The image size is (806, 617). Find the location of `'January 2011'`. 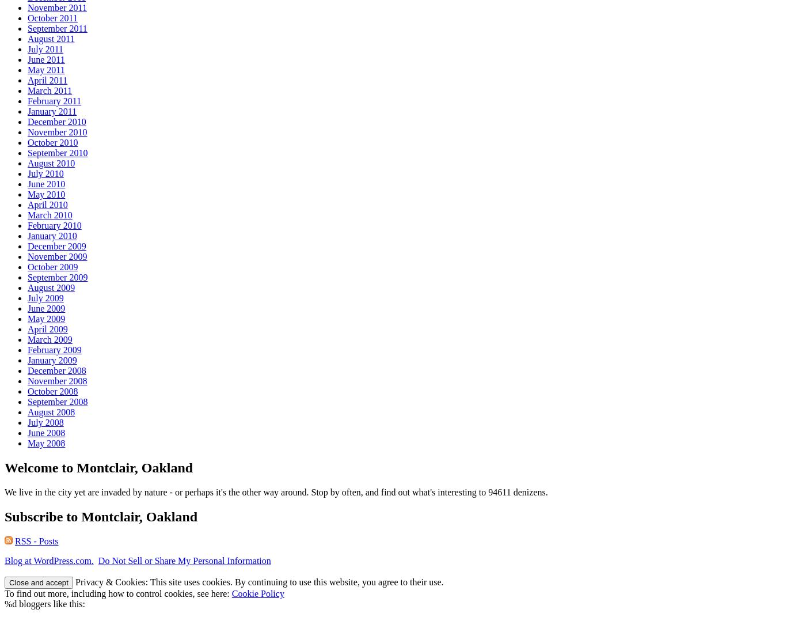

'January 2011' is located at coordinates (51, 111).